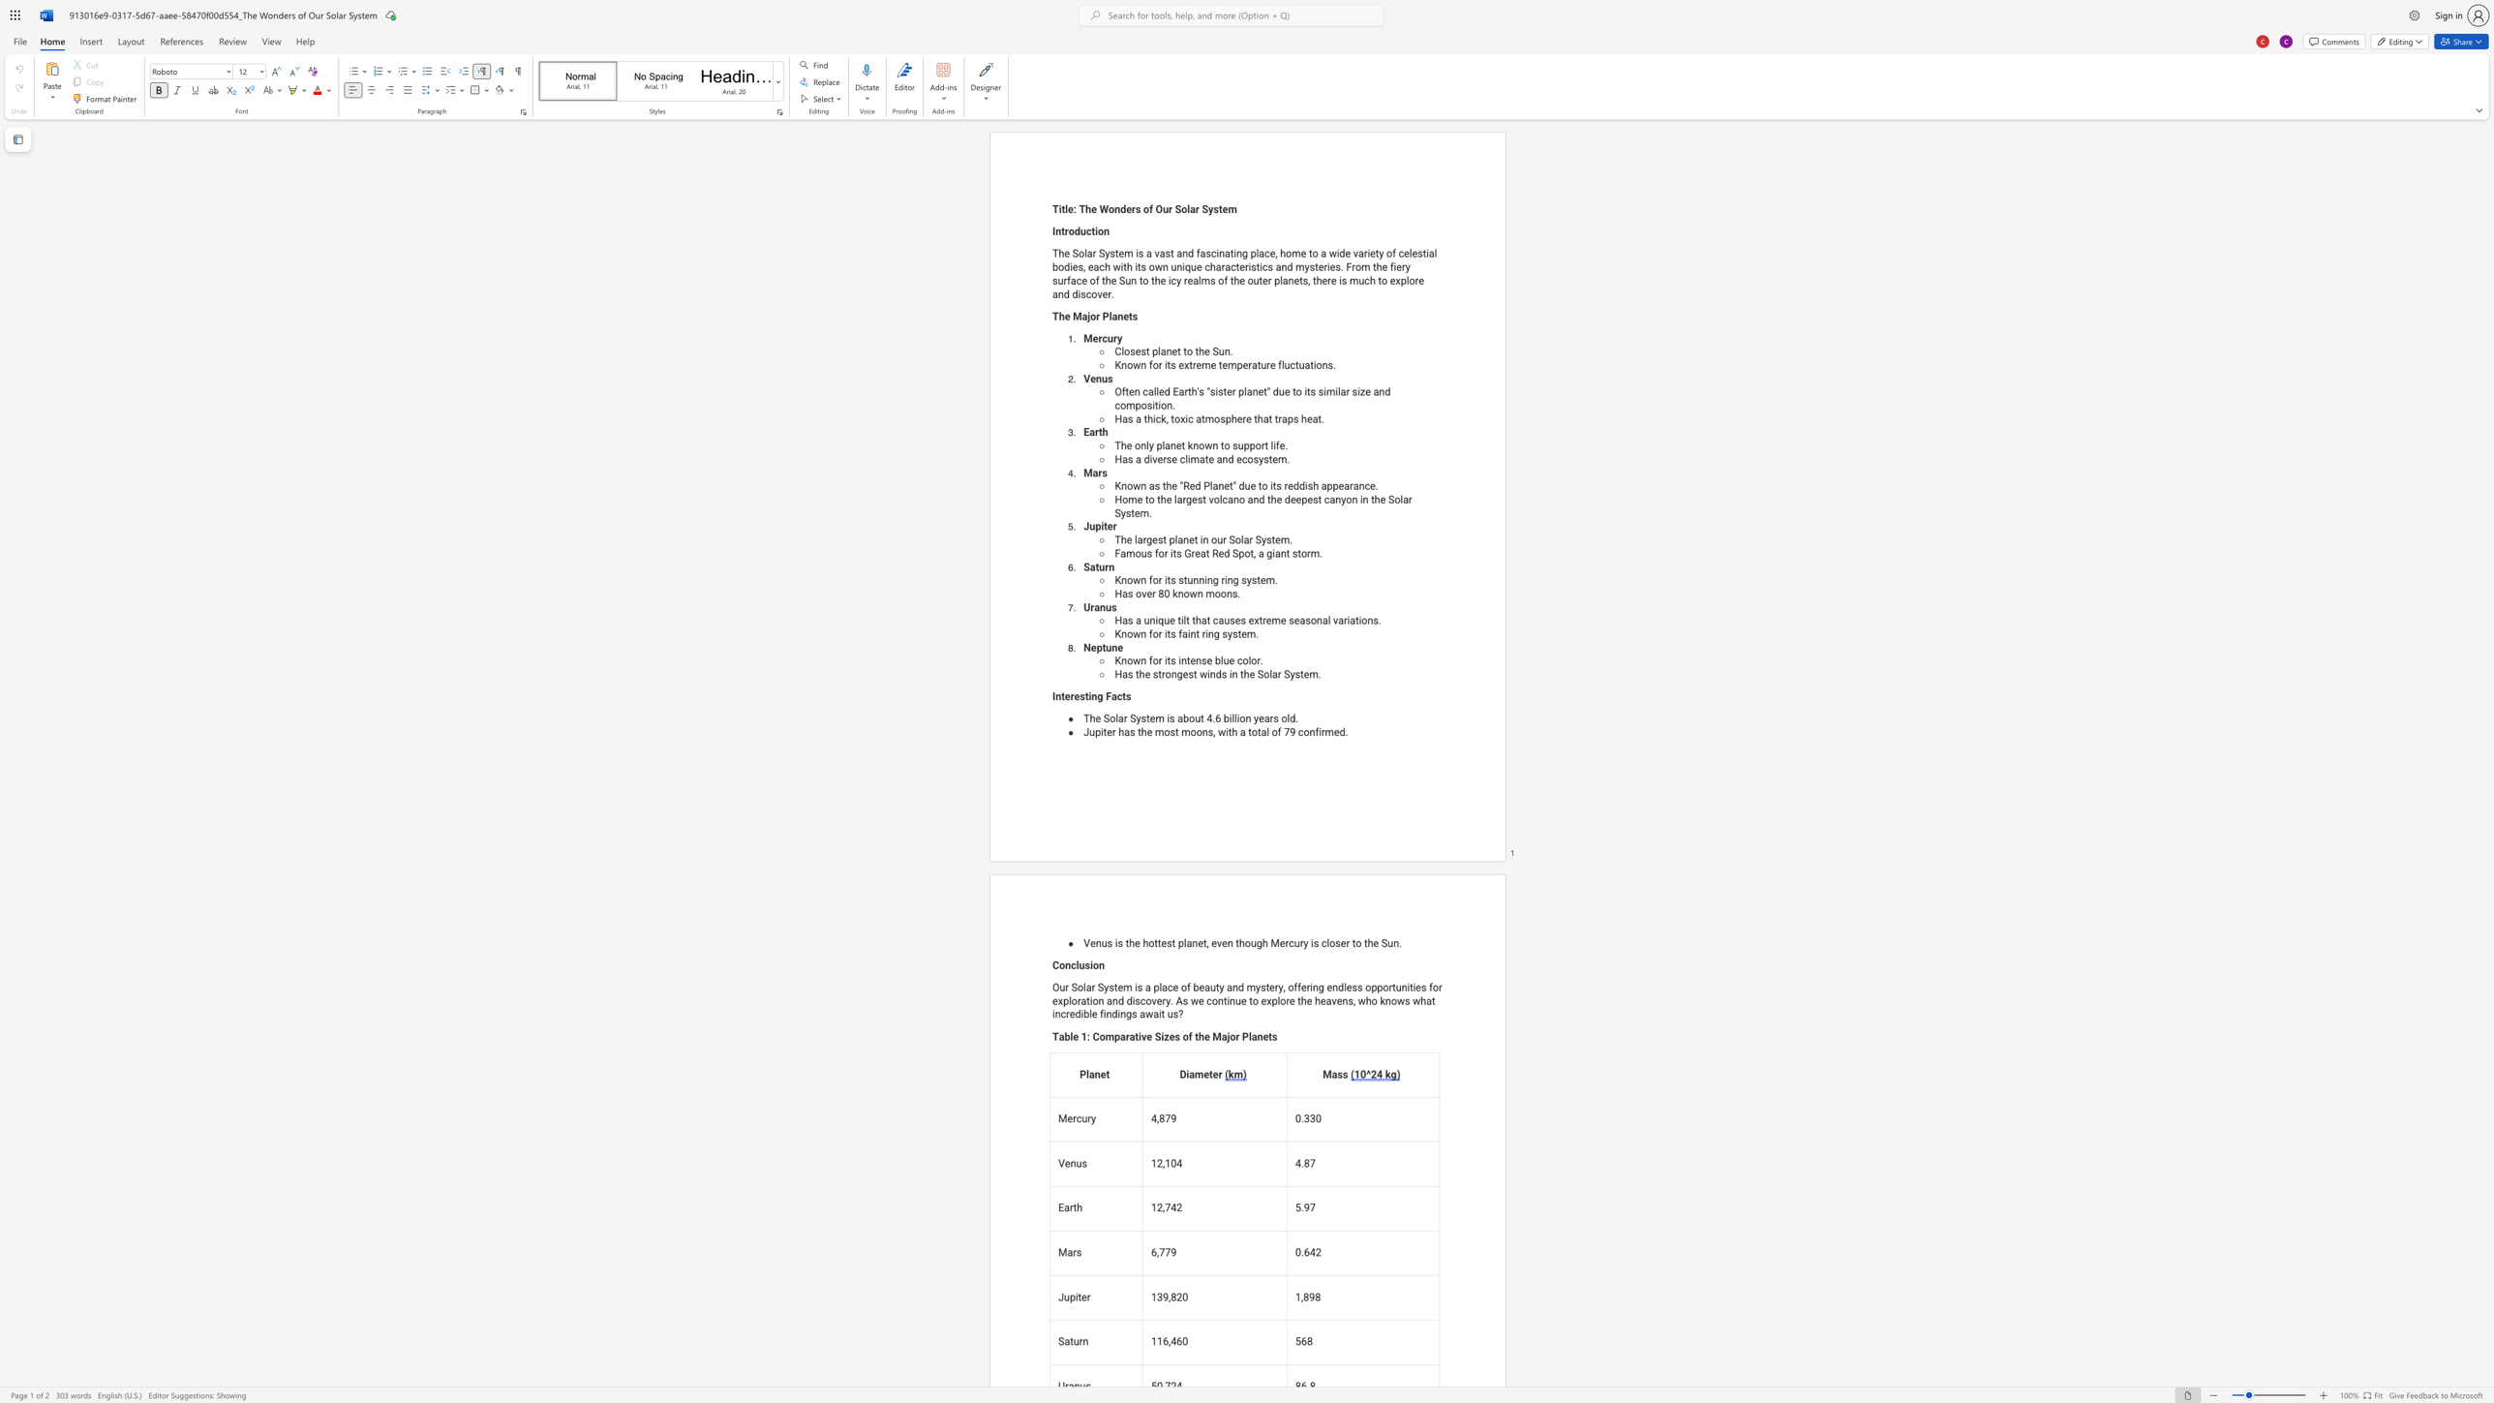  What do you see at coordinates (1301, 499) in the screenshot?
I see `the subset text "pest canyon in the Sola" within the text "Home to the largest volcano and the deepest canyon in the Solar System."` at bounding box center [1301, 499].